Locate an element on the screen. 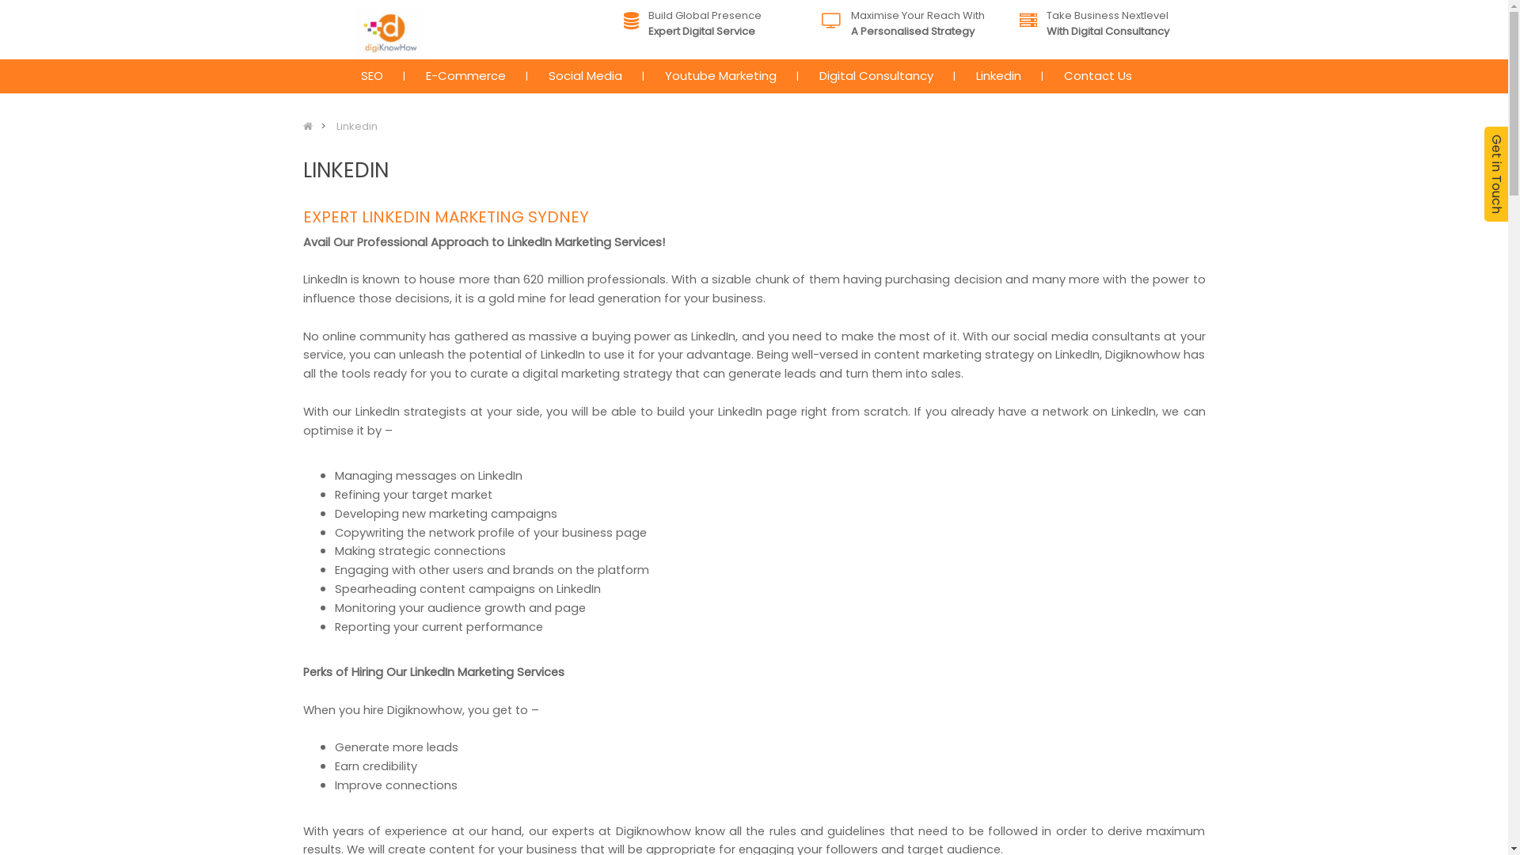 The image size is (1520, 855). 'Linkedin' is located at coordinates (355, 125).